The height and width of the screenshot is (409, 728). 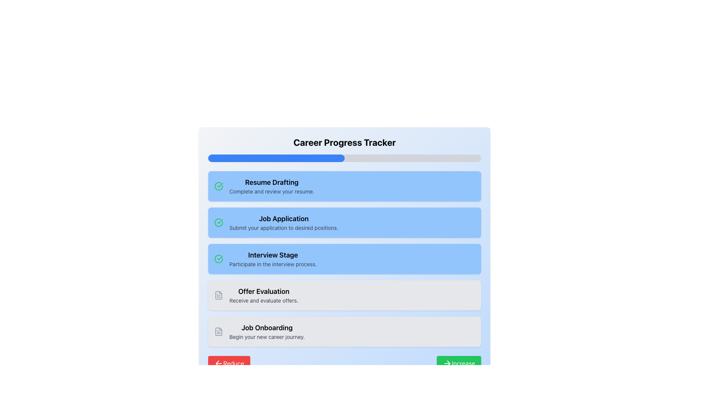 I want to click on descriptive text content 'Begin your new career journey.' located below the title 'Job Onboarding' in the vertical progress tracker interface, so click(x=267, y=337).